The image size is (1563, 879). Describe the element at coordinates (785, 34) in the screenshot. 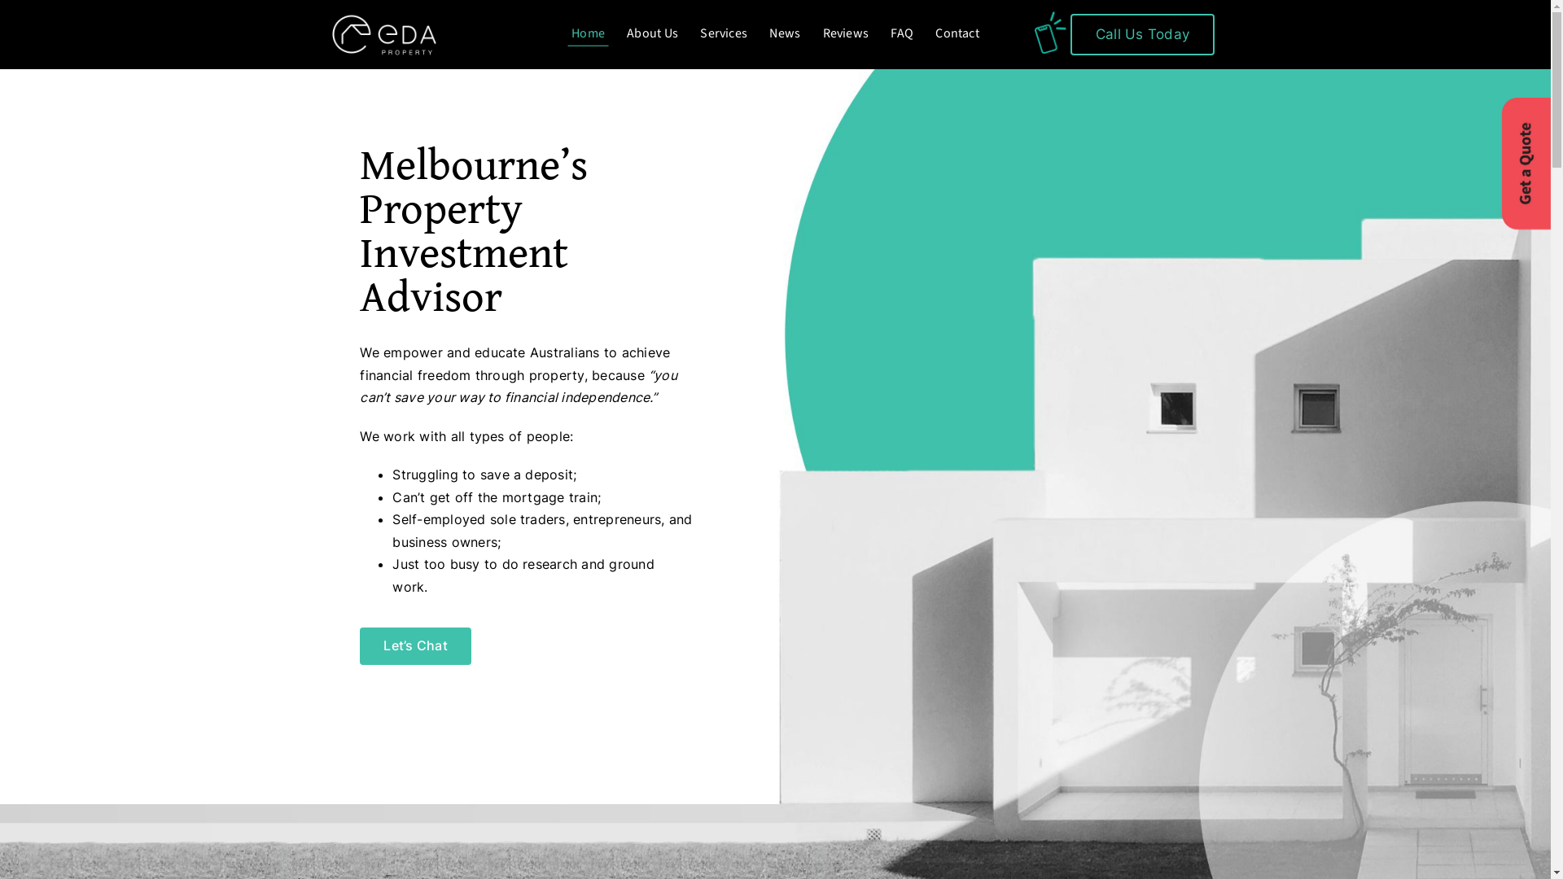

I see `'News'` at that location.